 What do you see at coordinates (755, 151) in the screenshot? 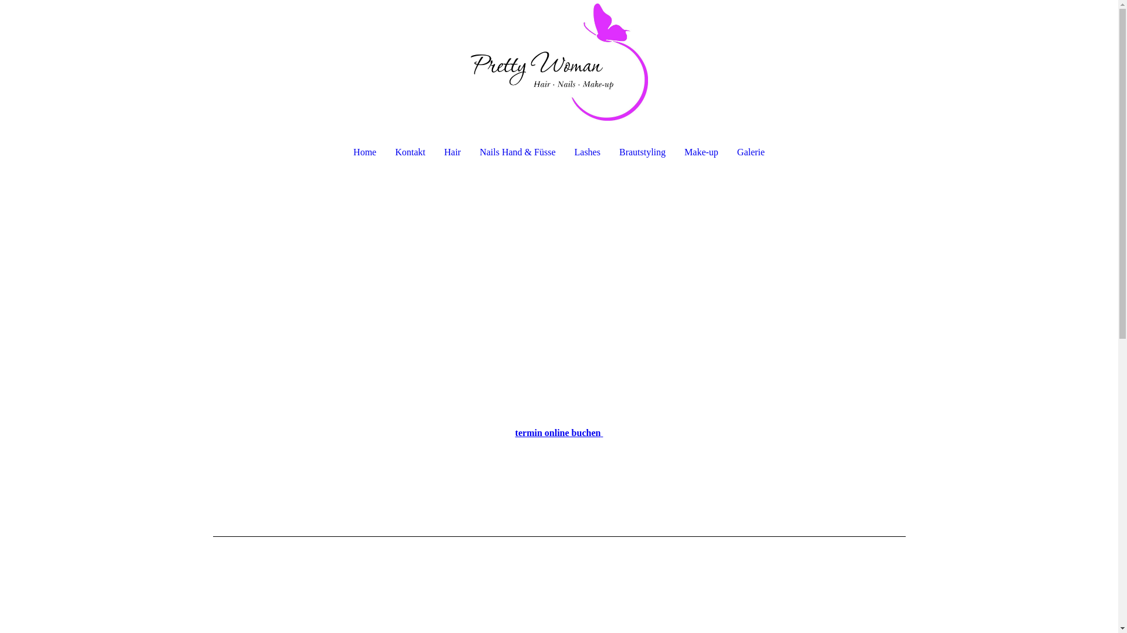
I see `'Galerie'` at bounding box center [755, 151].